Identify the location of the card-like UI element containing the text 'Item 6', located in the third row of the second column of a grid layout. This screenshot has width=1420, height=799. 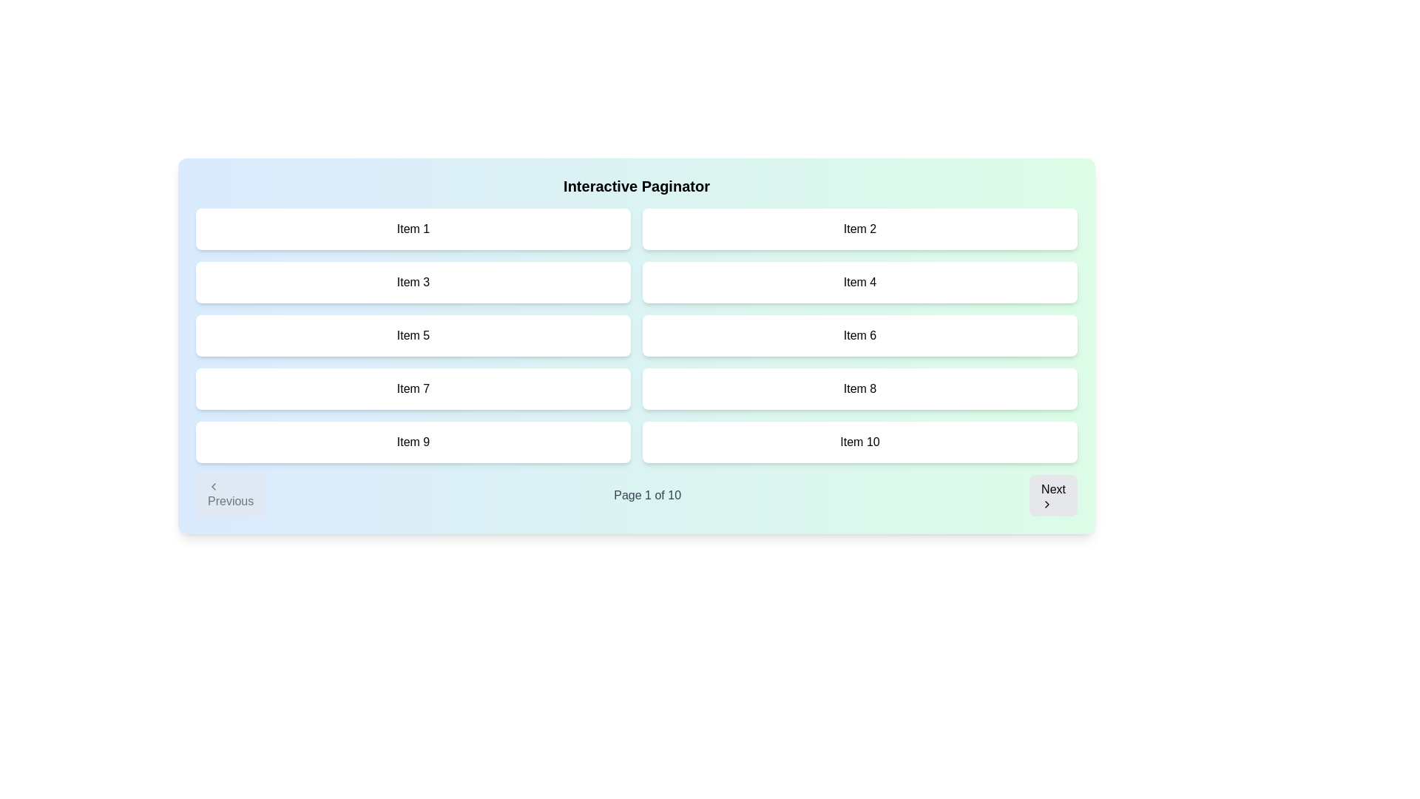
(859, 336).